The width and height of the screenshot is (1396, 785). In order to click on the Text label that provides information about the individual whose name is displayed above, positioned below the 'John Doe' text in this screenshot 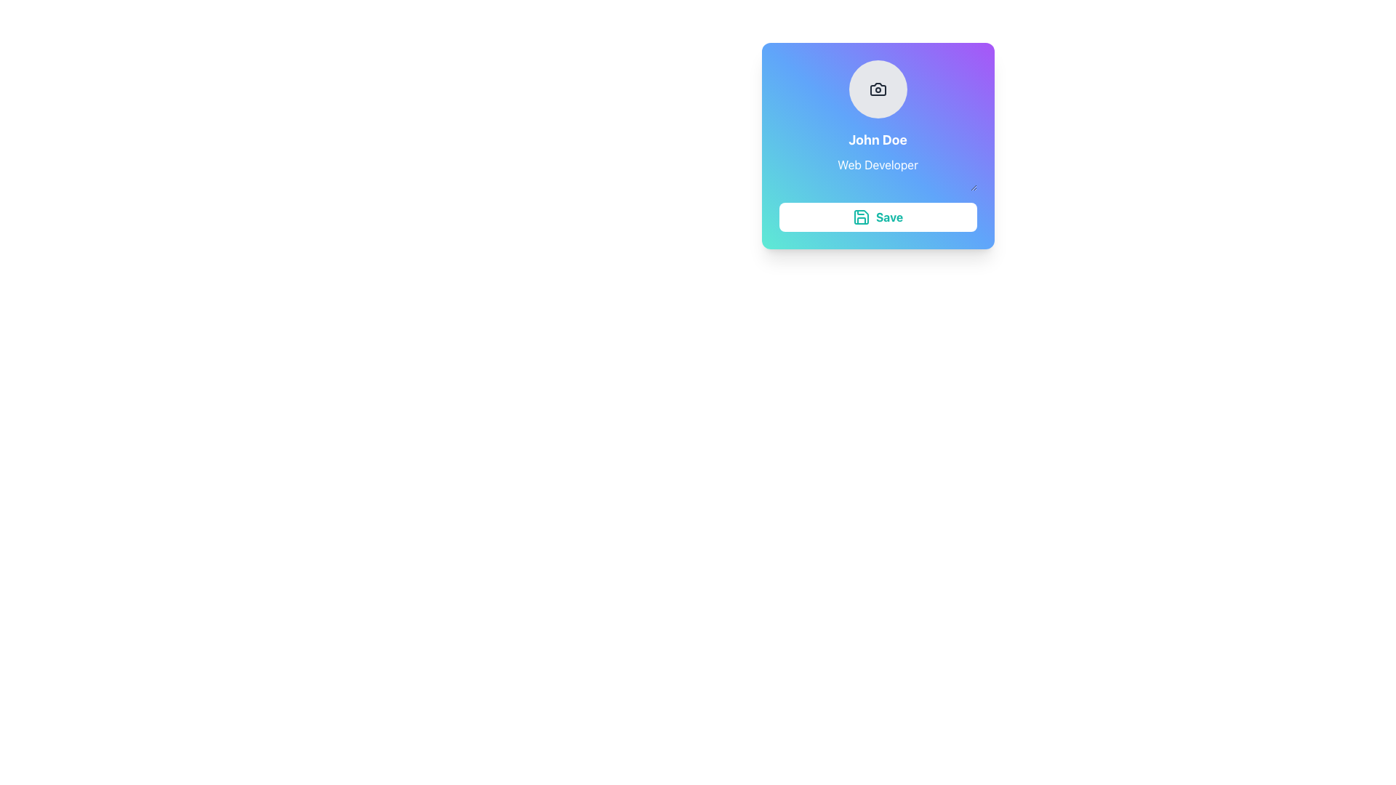, I will do `click(877, 173)`.